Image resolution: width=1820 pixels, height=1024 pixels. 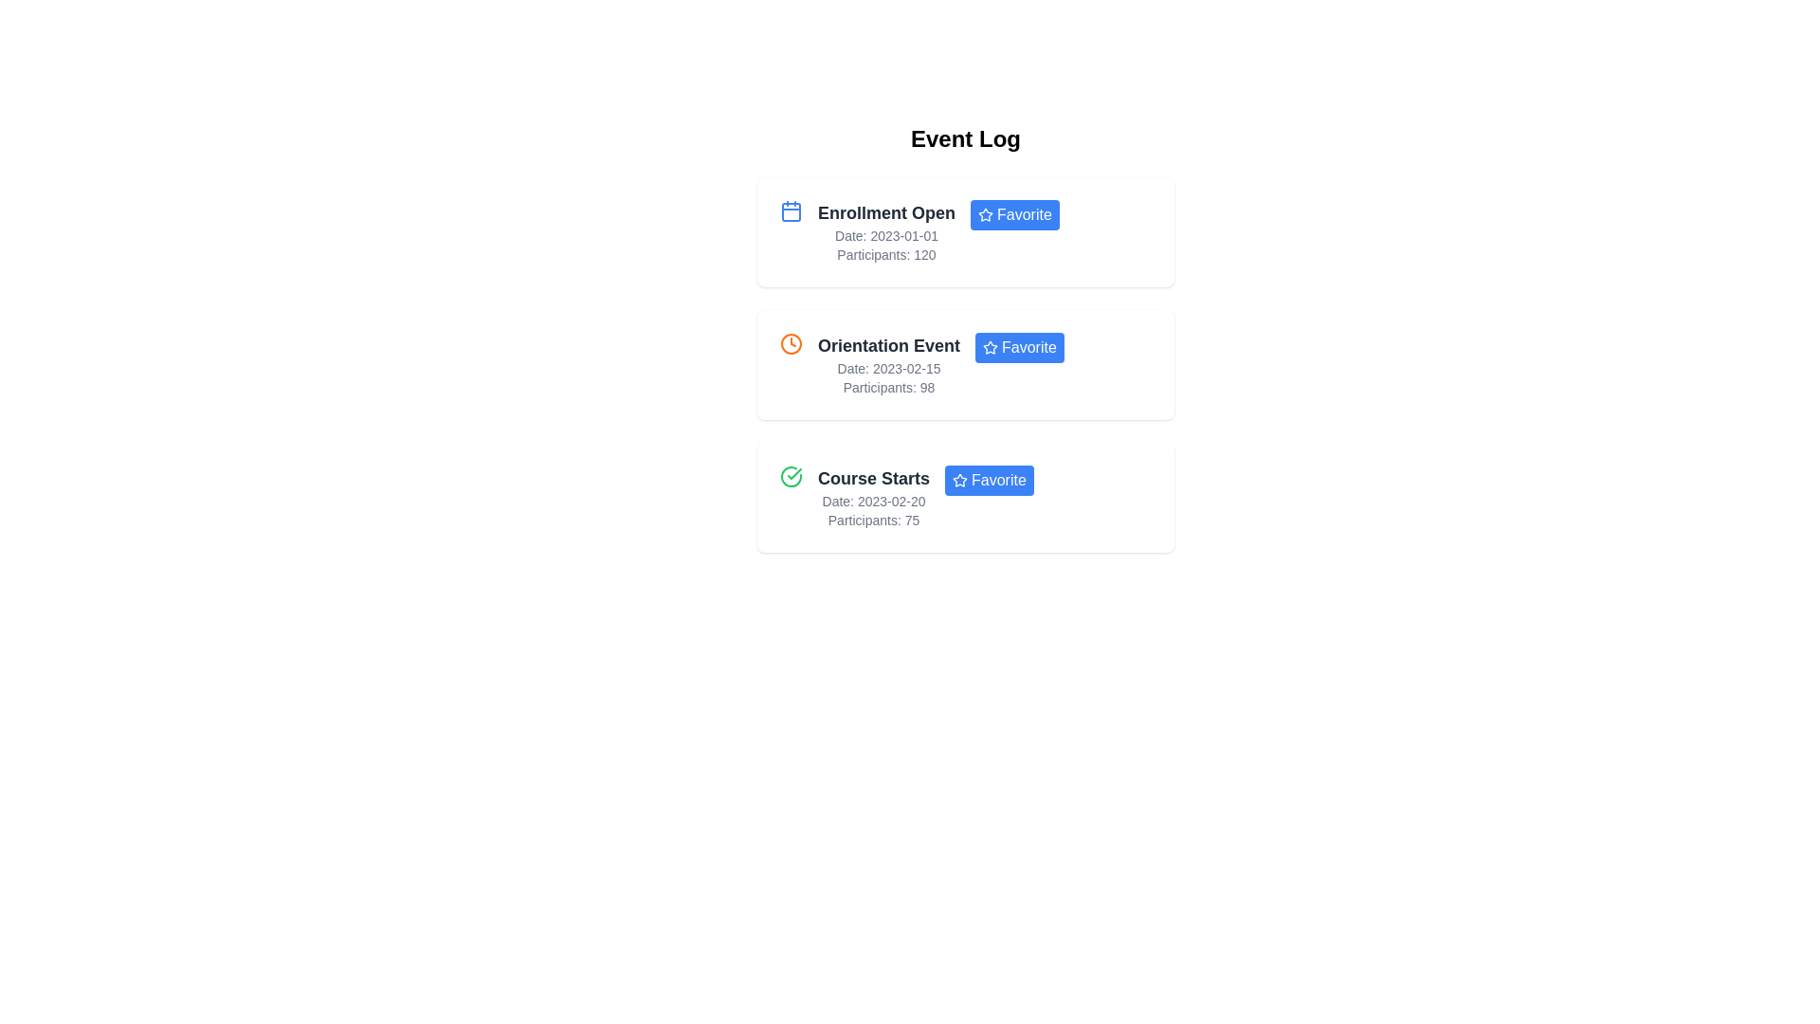 I want to click on the checkmark icon indicating the success status for the 'Course Starts' event if it is interactive, so click(x=794, y=473).